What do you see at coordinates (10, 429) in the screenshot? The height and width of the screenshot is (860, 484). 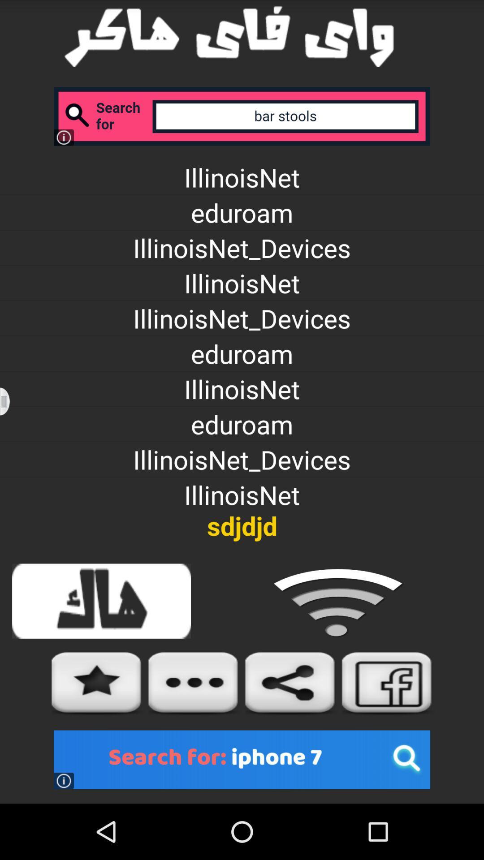 I see `the menu icon` at bounding box center [10, 429].